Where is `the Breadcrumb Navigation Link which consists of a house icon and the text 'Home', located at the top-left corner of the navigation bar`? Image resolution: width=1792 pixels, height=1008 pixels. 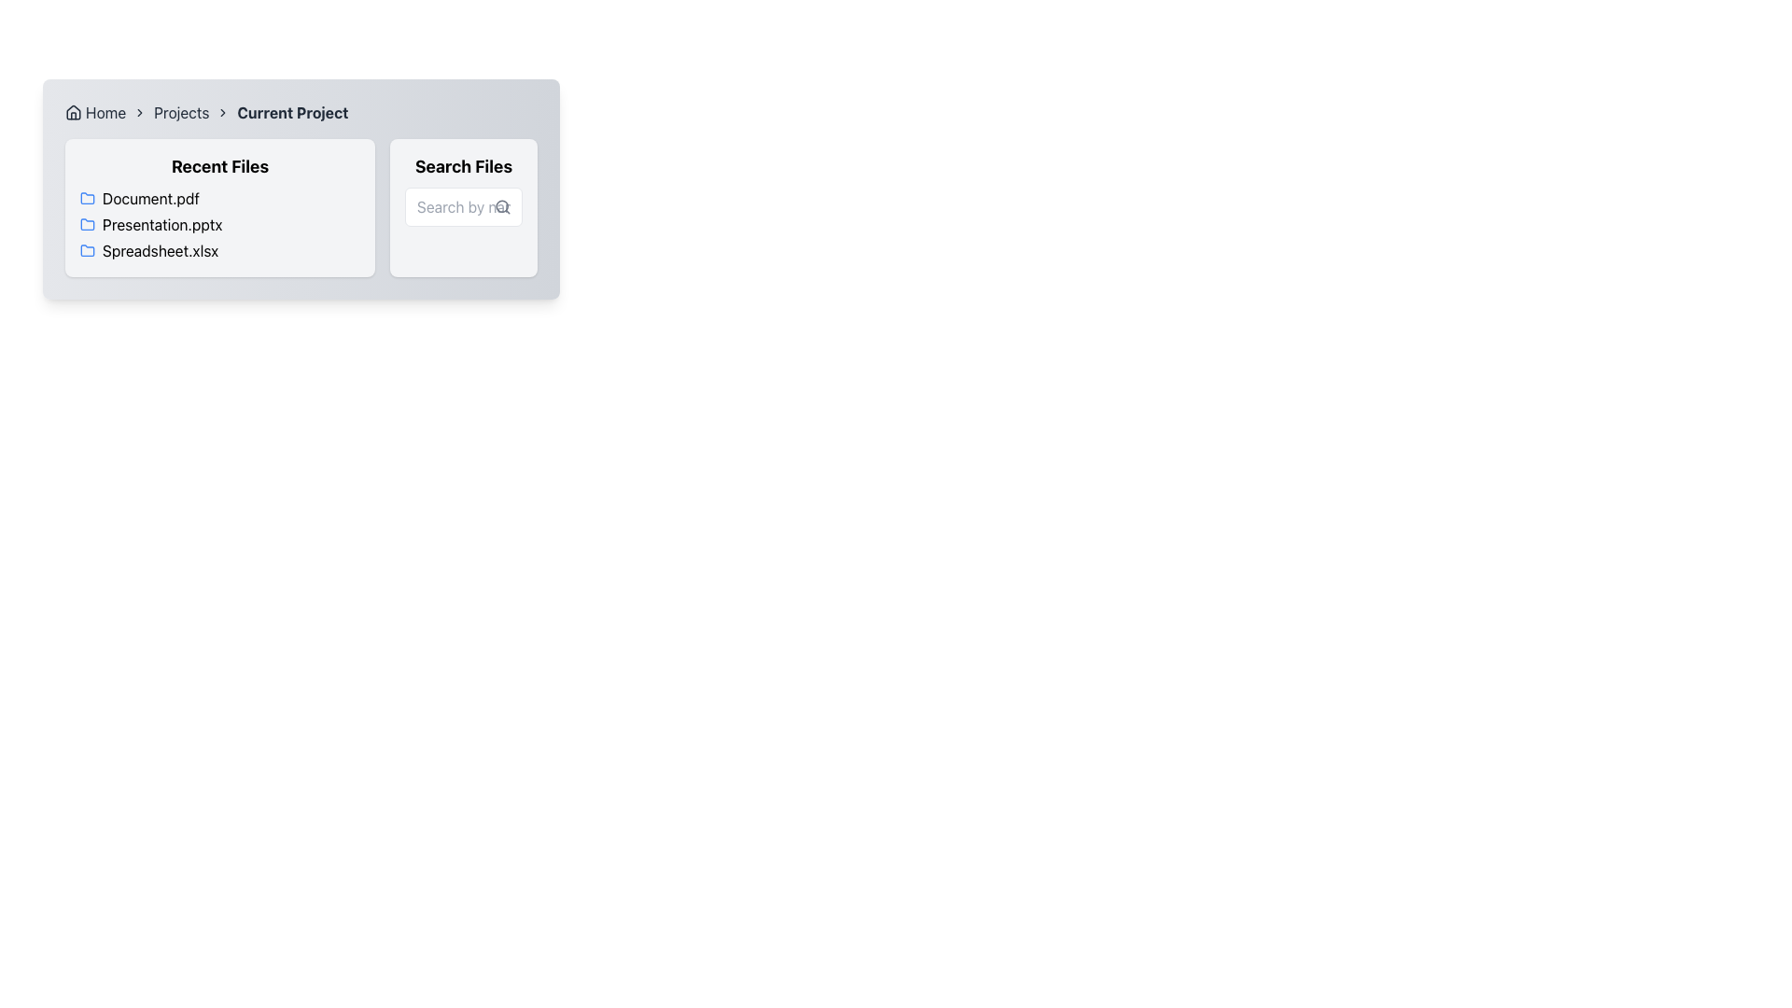 the Breadcrumb Navigation Link which consists of a house icon and the text 'Home', located at the top-left corner of the navigation bar is located at coordinates (94, 112).